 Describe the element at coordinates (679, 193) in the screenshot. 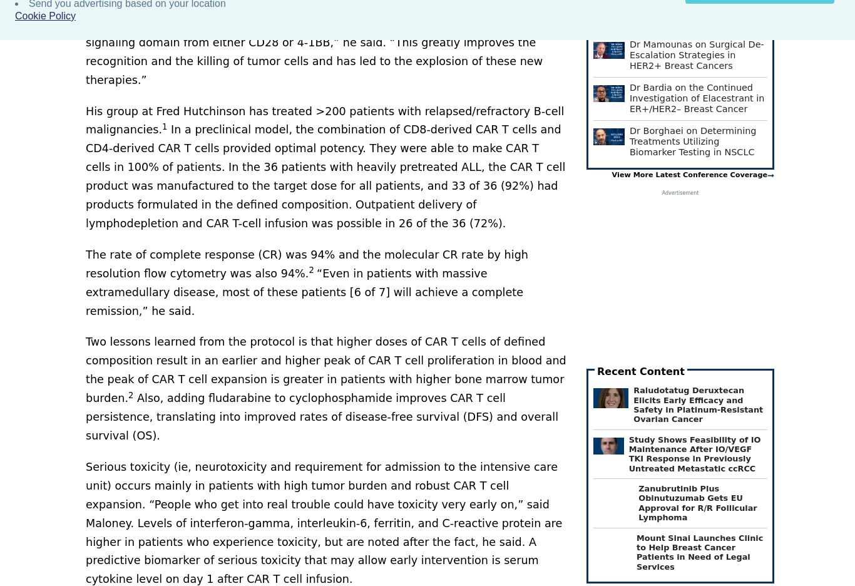

I see `'Advertisement'` at that location.